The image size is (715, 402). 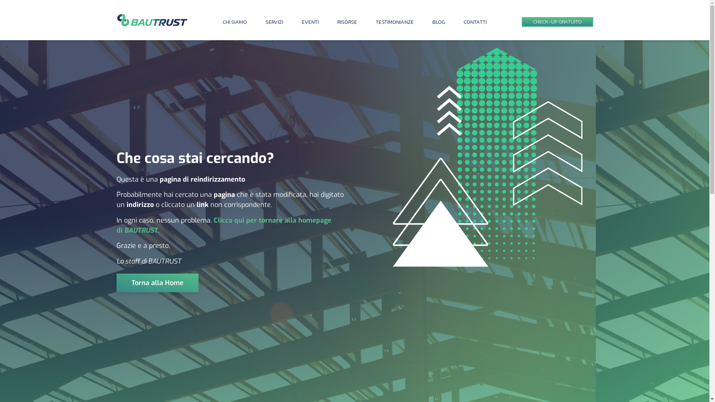 What do you see at coordinates (394, 22) in the screenshot?
I see `'TESTIMONIANZE'` at bounding box center [394, 22].